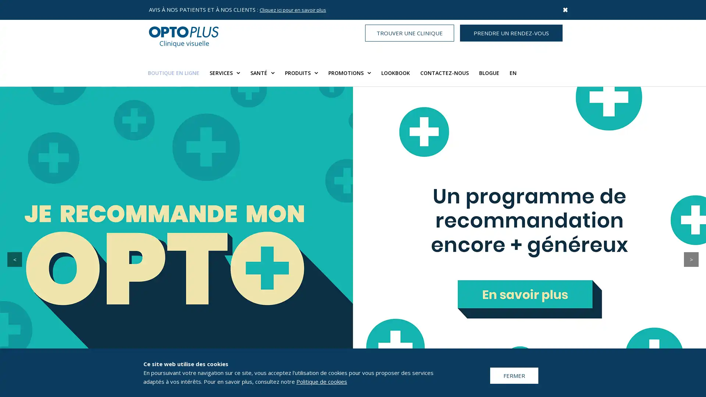 The image size is (706, 397). What do you see at coordinates (14, 259) in the screenshot?
I see `<` at bounding box center [14, 259].